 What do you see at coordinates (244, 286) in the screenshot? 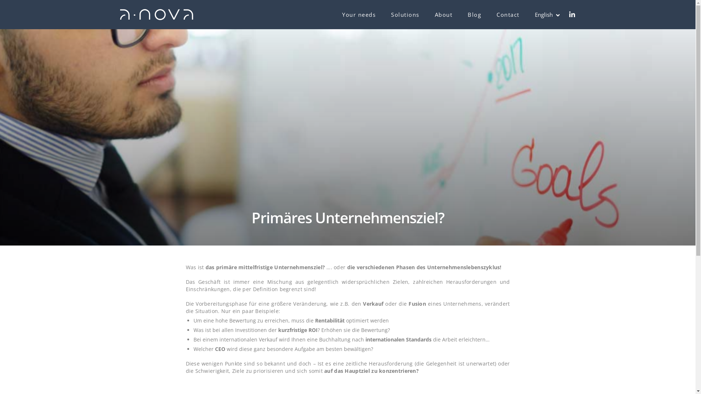
I see `'About'` at bounding box center [244, 286].